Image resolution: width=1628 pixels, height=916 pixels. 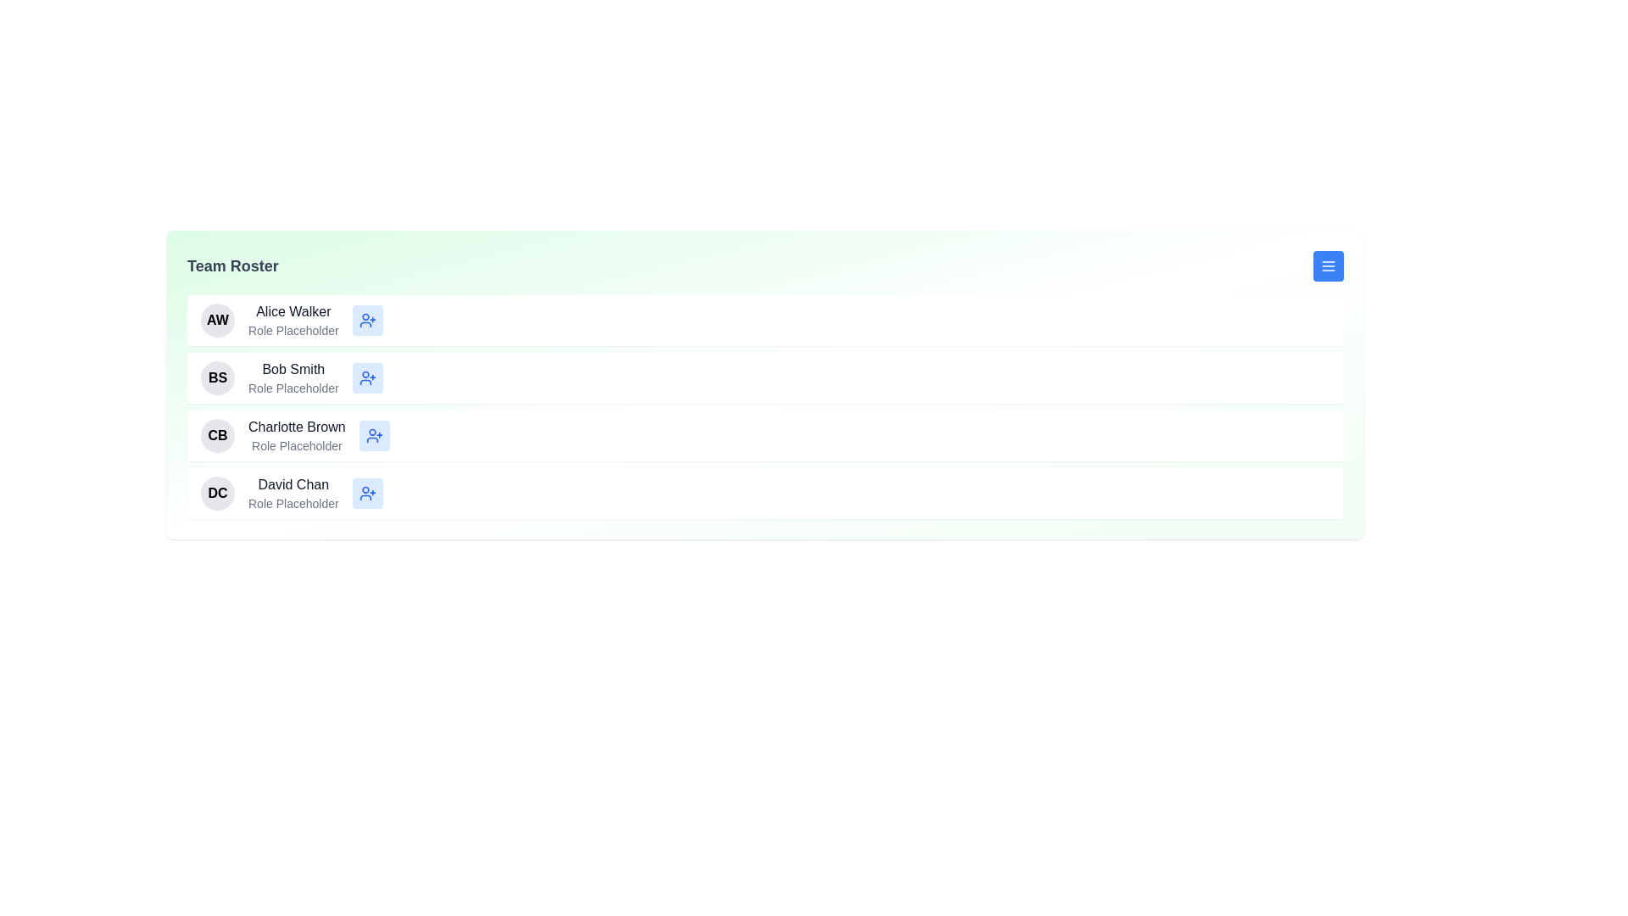 I want to click on the interactive button to add or invite someone, located next to the user information for 'Bob Smith', so click(x=366, y=377).